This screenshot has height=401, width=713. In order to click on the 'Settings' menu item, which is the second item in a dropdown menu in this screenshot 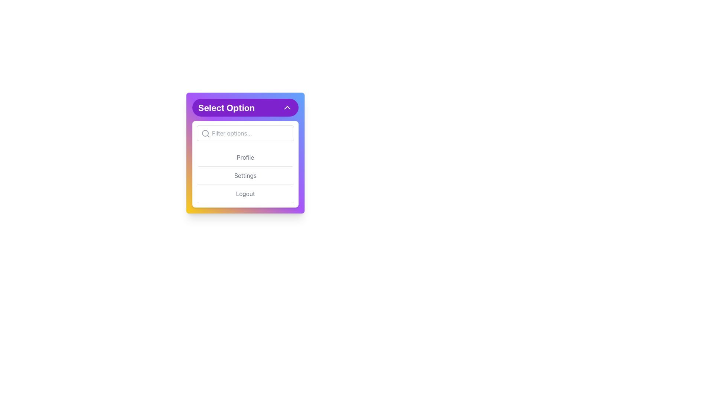, I will do `click(245, 176)`.